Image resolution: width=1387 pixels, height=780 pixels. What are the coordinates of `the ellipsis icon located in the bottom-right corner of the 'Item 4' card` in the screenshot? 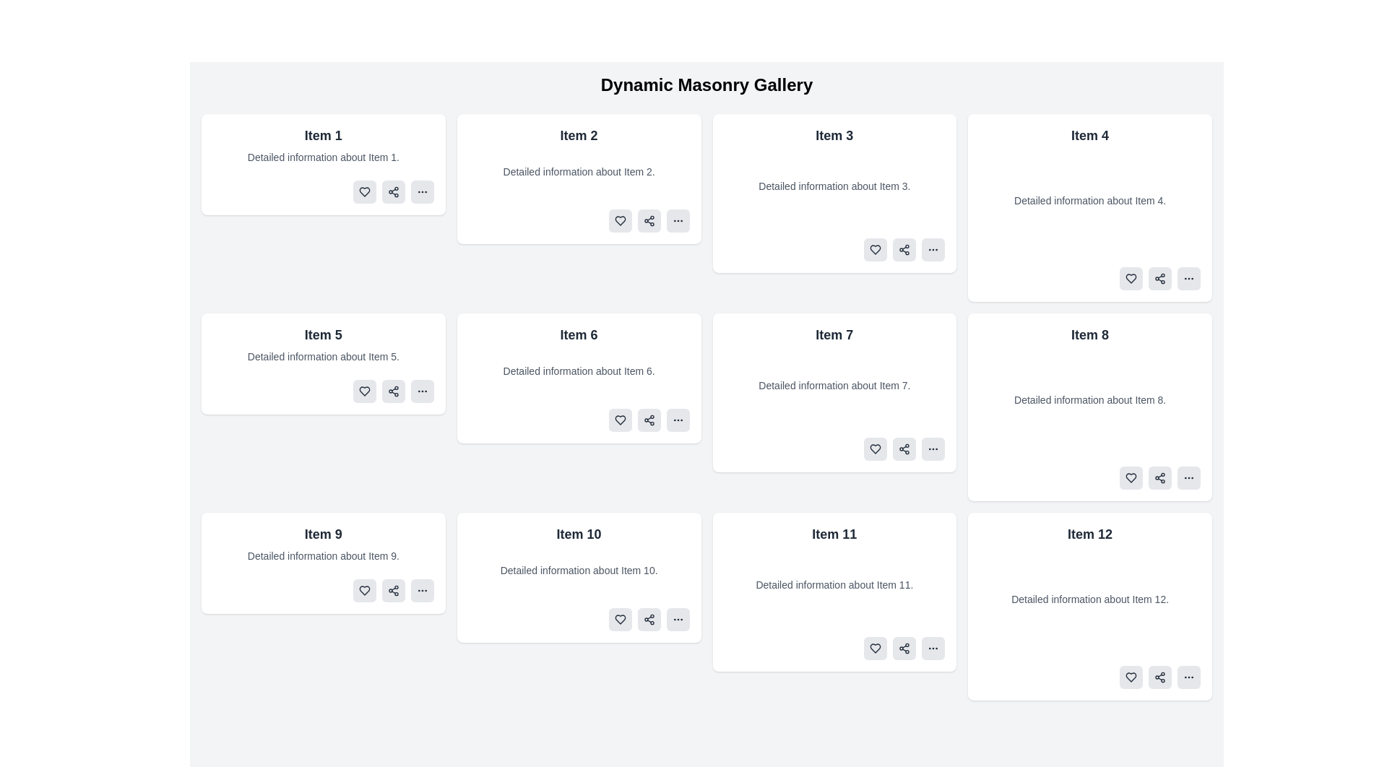 It's located at (1189, 278).